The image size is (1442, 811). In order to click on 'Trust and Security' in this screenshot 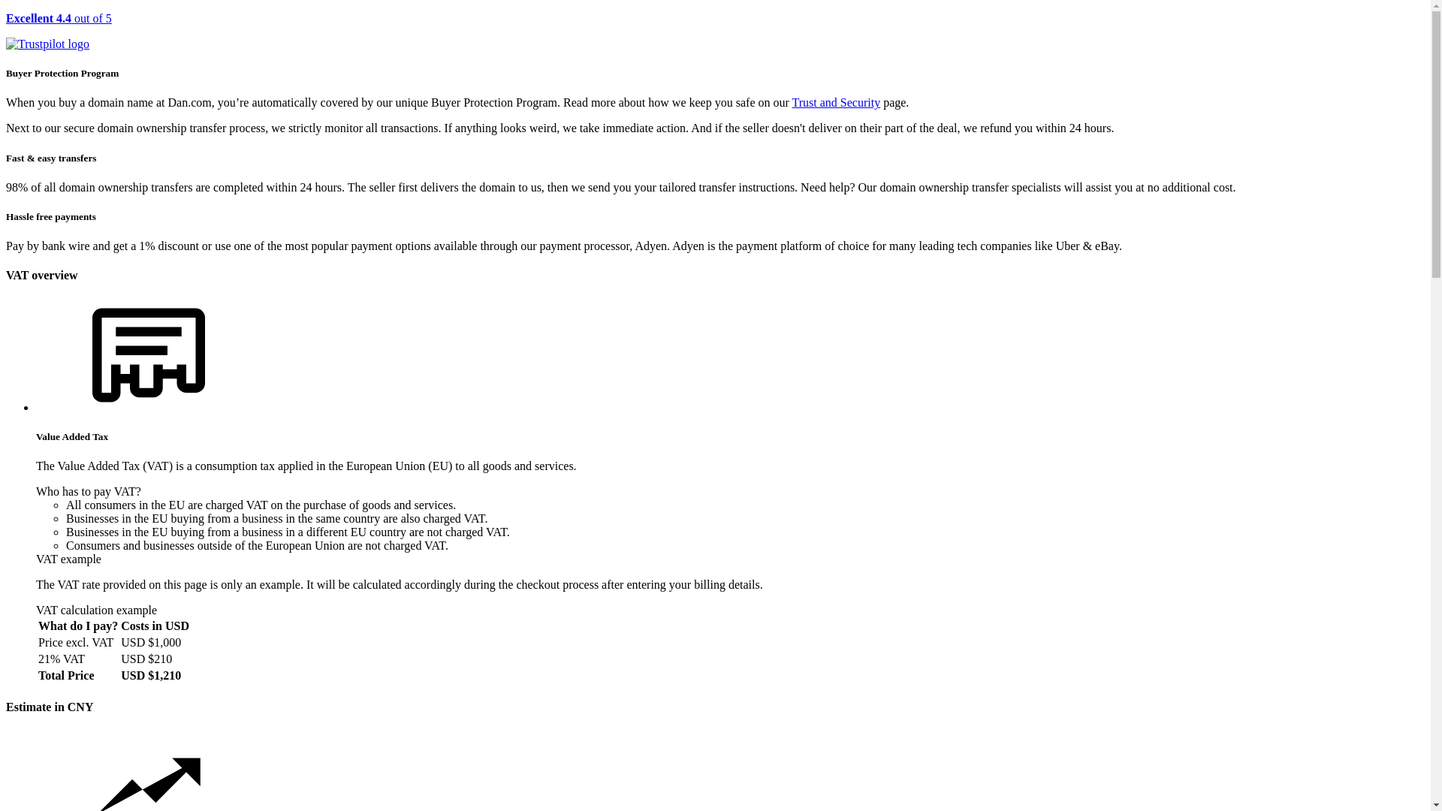, I will do `click(835, 101)`.